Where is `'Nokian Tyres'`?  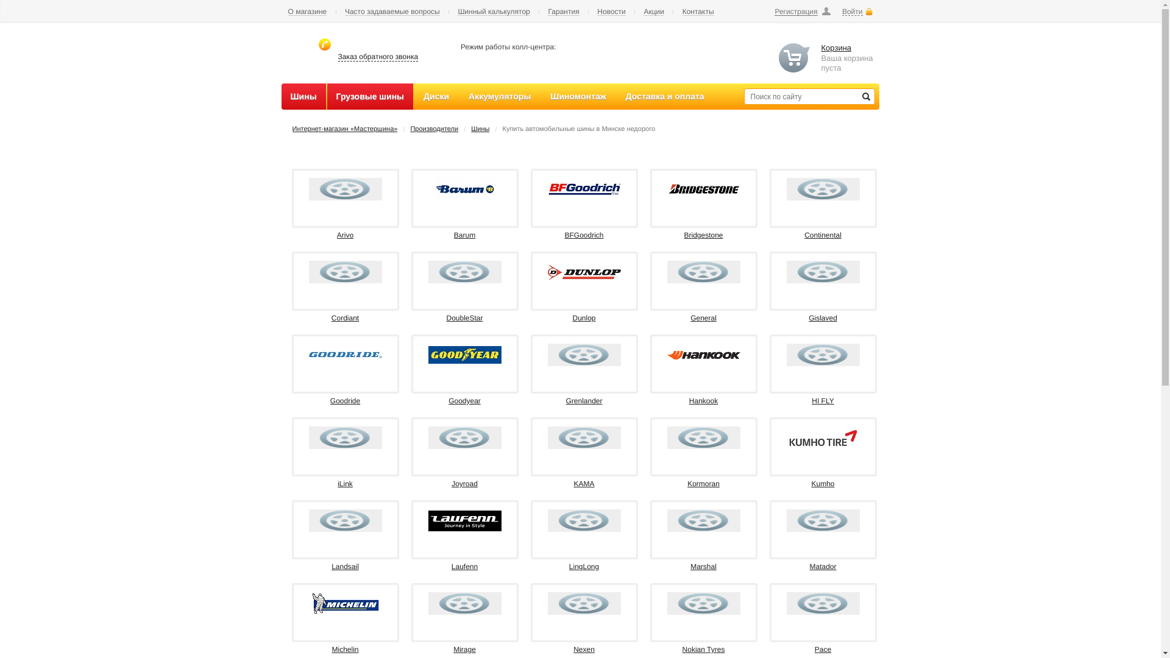
'Nokian Tyres' is located at coordinates (681, 648).